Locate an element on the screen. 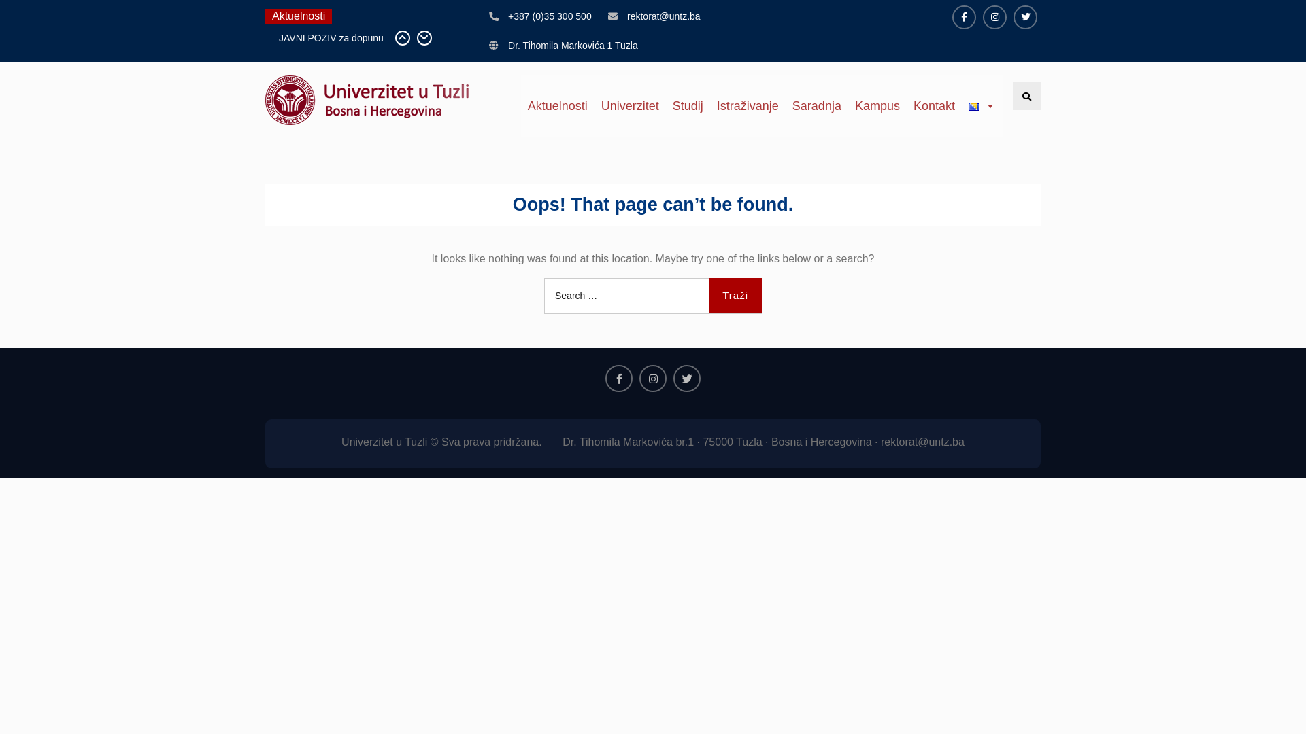 This screenshot has width=1306, height=734. 'Search' is located at coordinates (1012, 95).